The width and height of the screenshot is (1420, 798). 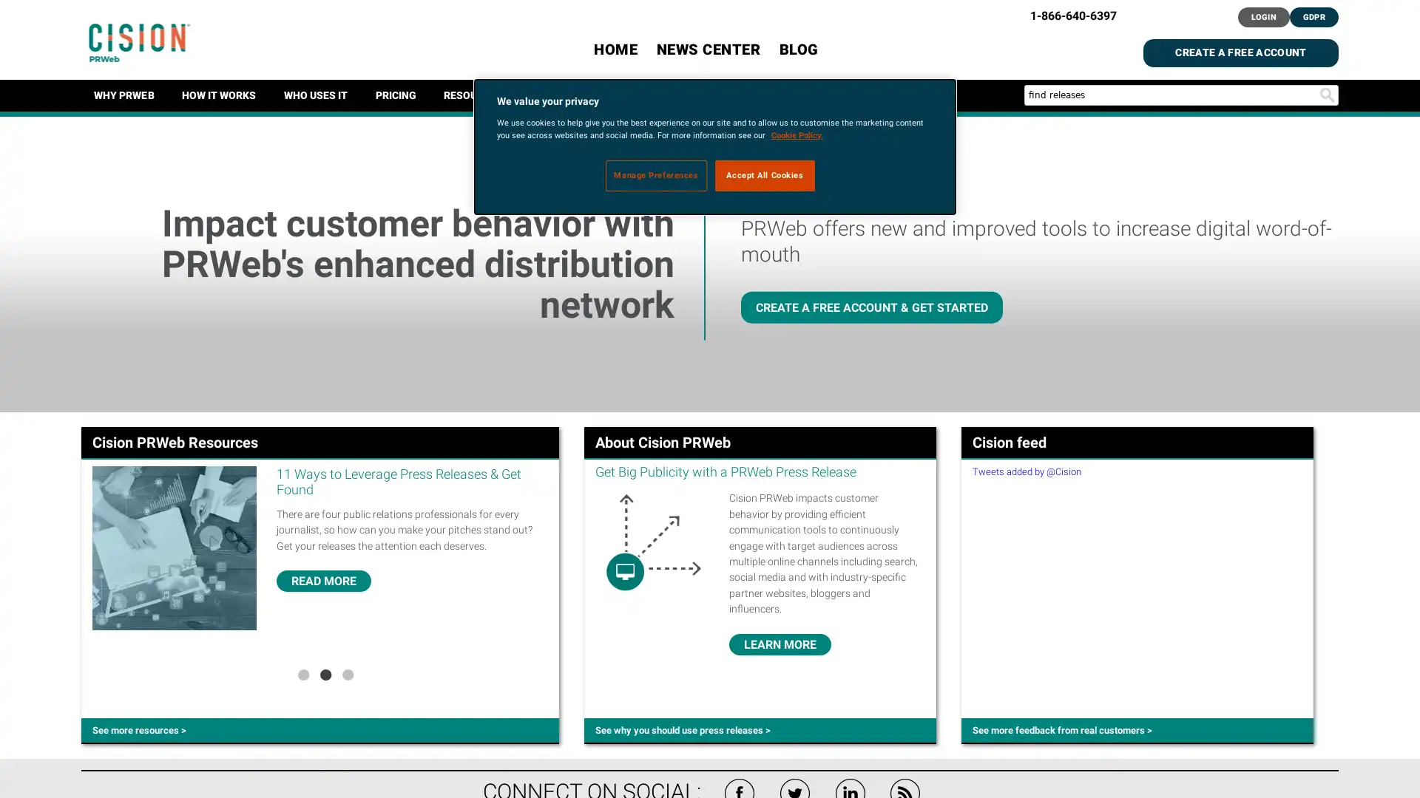 I want to click on 3, so click(x=347, y=673).